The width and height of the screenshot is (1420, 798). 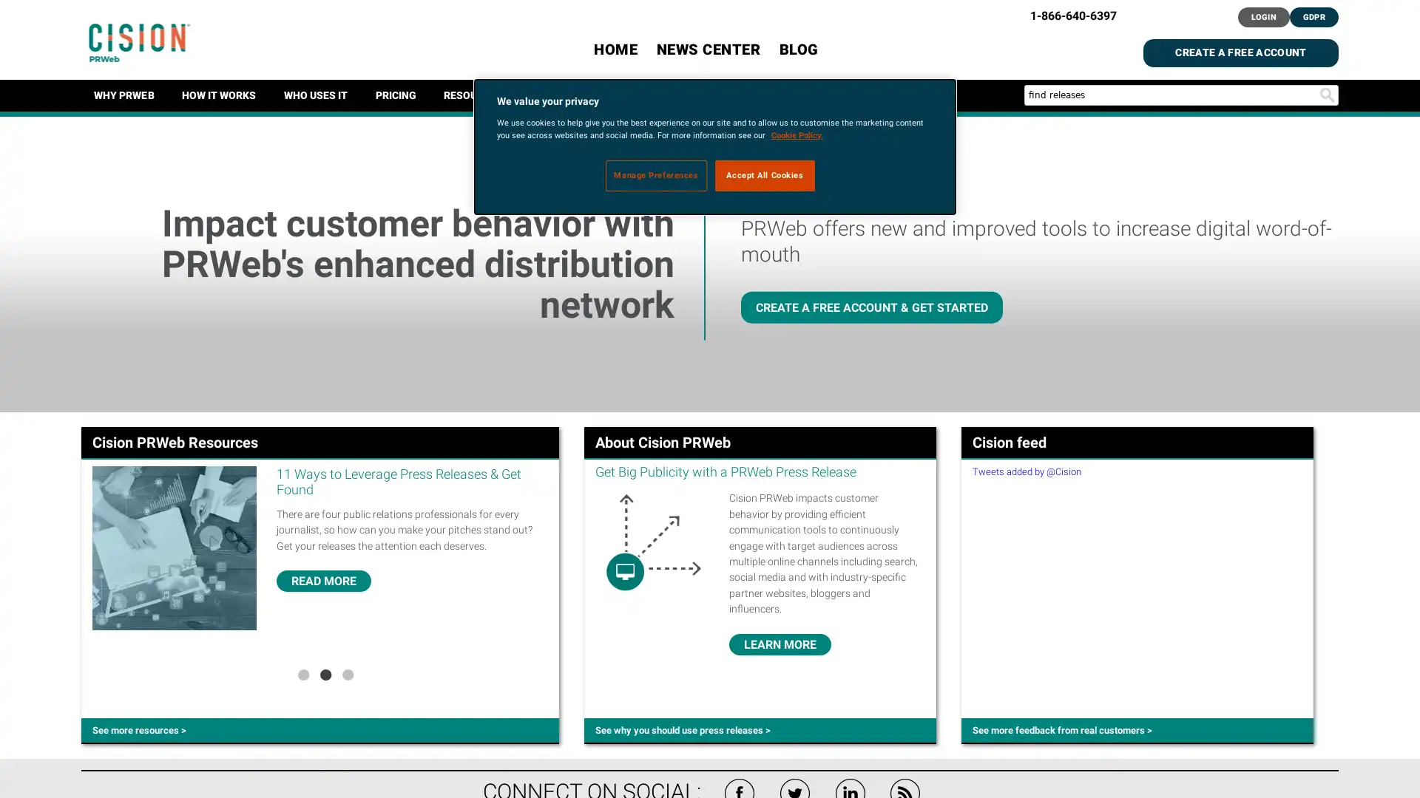 I want to click on 3, so click(x=347, y=673).